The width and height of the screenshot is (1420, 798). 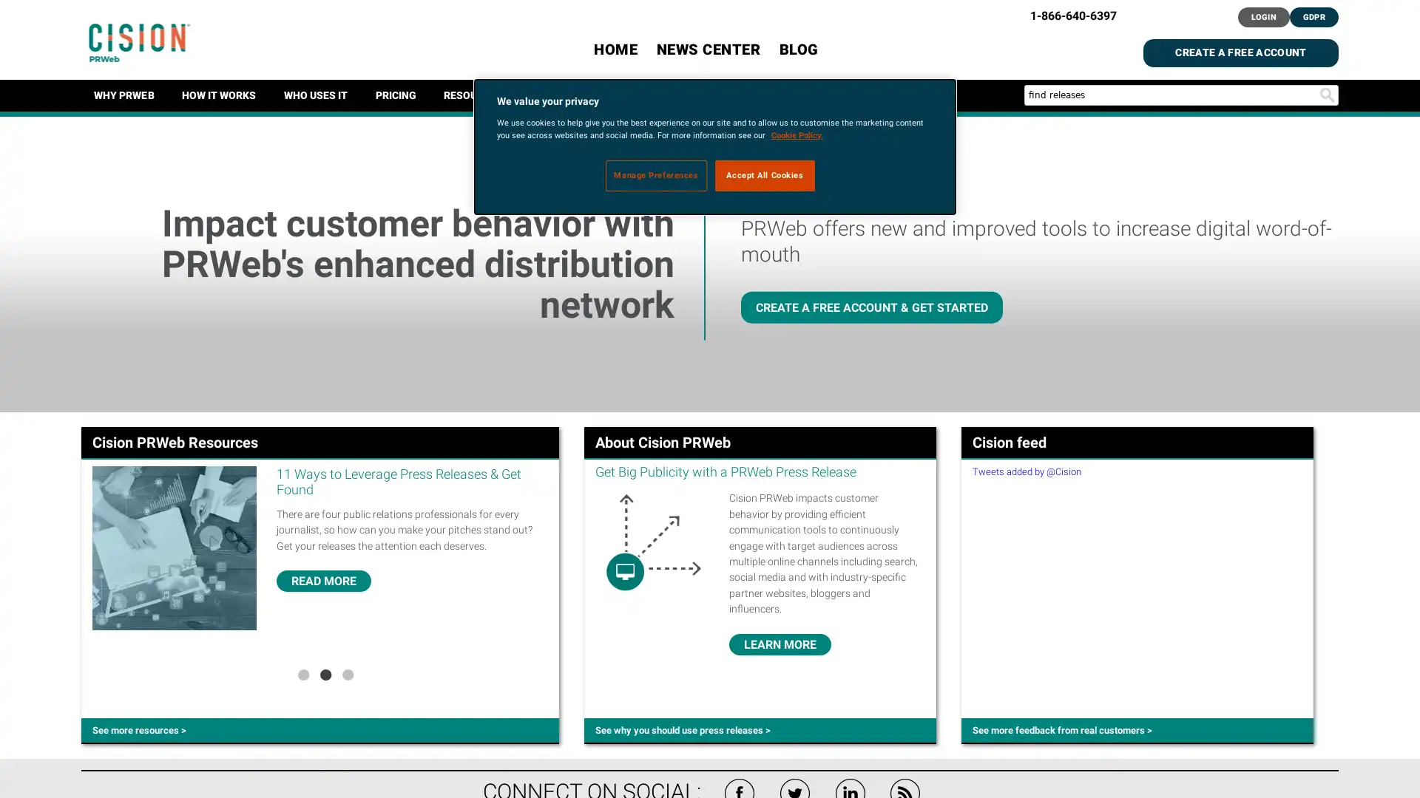 I want to click on 3, so click(x=347, y=673).